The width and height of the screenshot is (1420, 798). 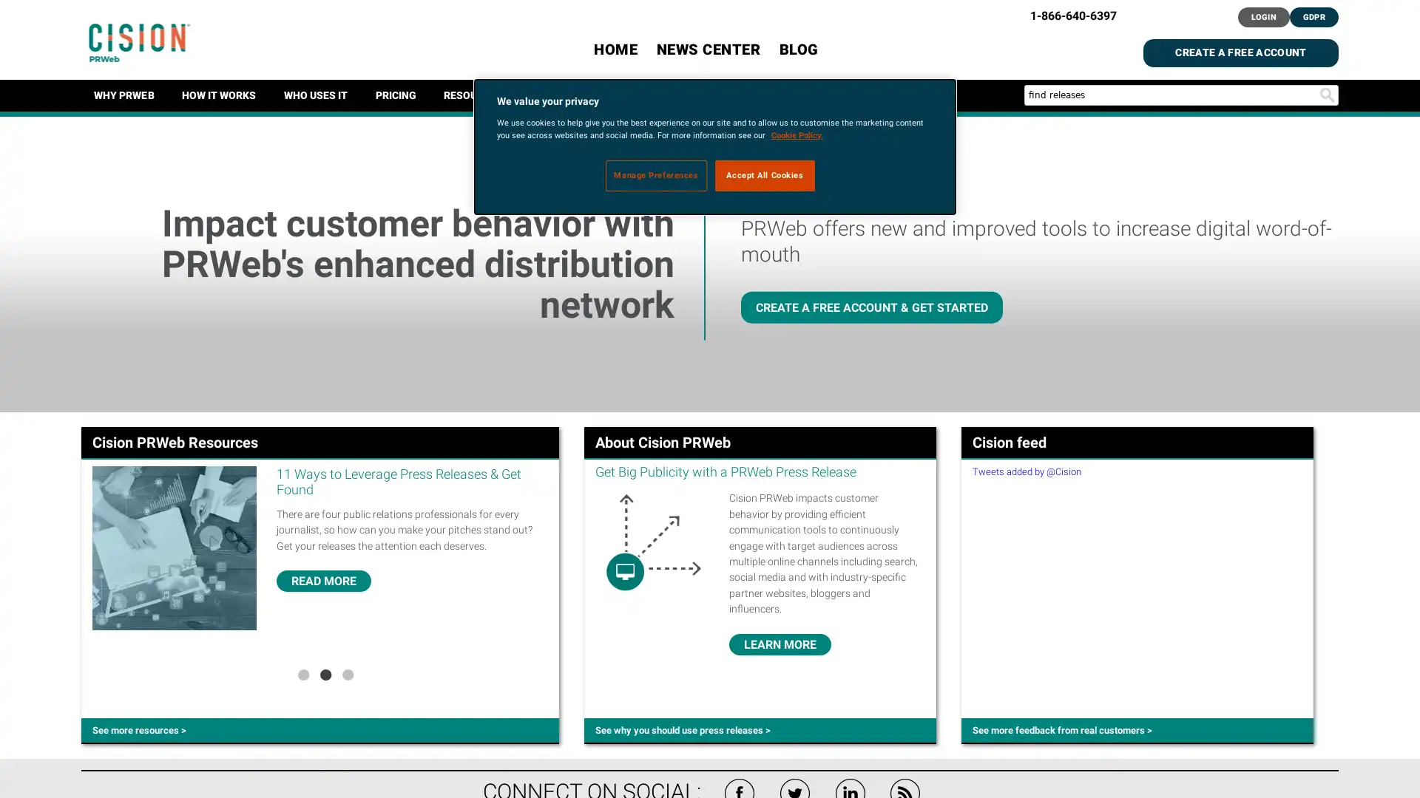 I want to click on 3, so click(x=347, y=673).